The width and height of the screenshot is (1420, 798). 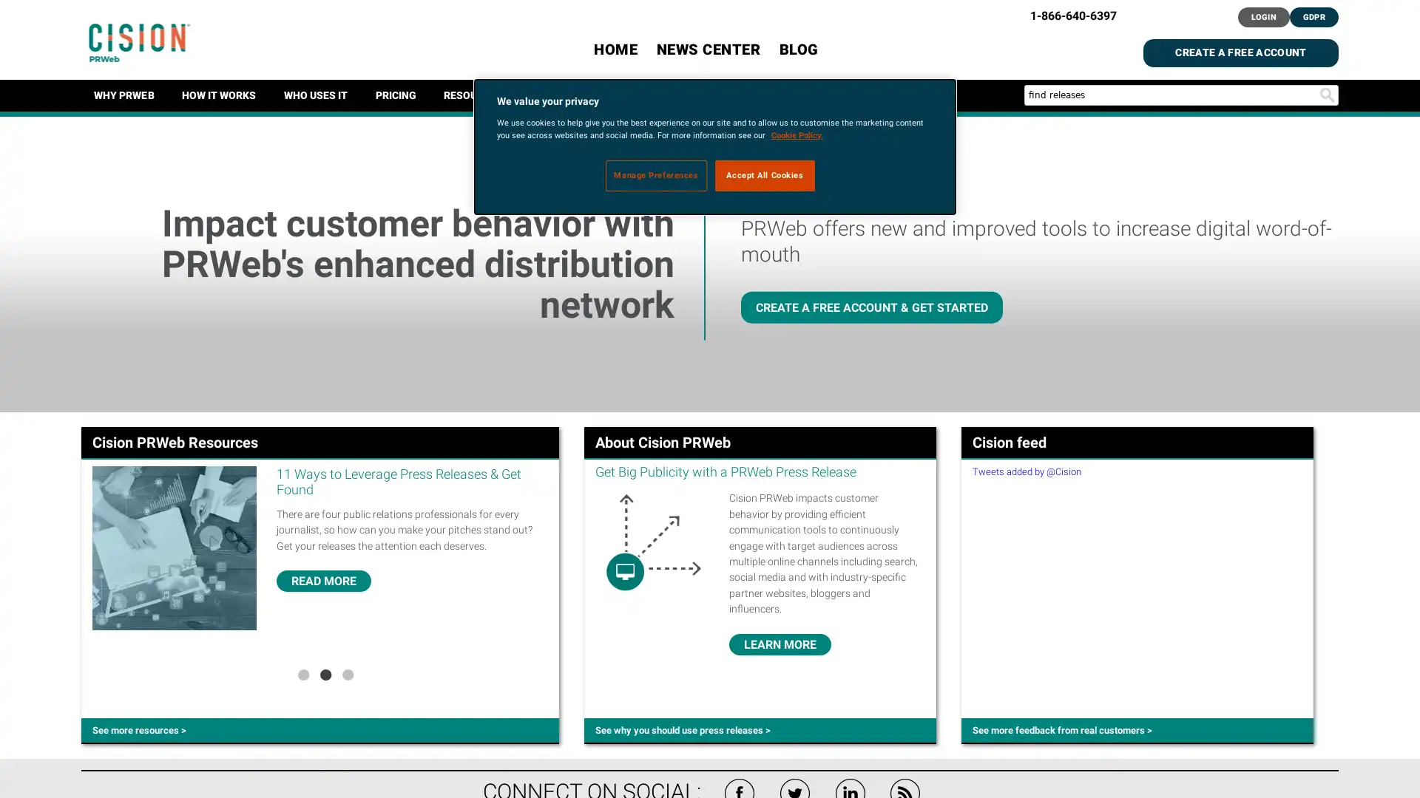 I want to click on 3, so click(x=347, y=673).